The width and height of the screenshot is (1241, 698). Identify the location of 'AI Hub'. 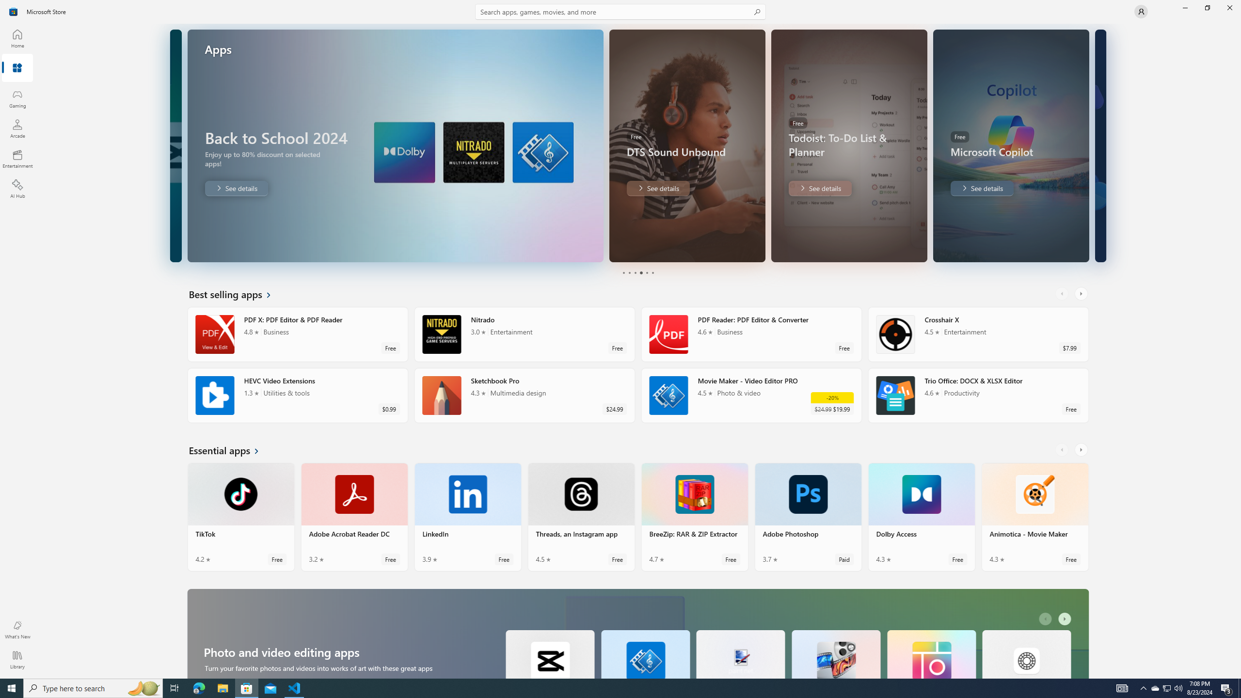
(16, 188).